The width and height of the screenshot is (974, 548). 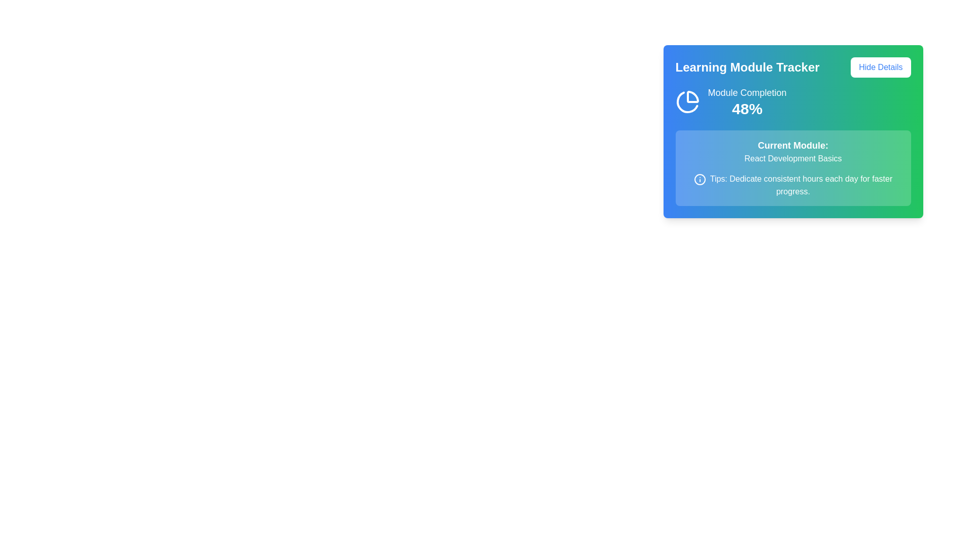 What do you see at coordinates (792, 143) in the screenshot?
I see `the Informational Card displaying progress information about the user's learning module, located in the upper-right section of the view` at bounding box center [792, 143].